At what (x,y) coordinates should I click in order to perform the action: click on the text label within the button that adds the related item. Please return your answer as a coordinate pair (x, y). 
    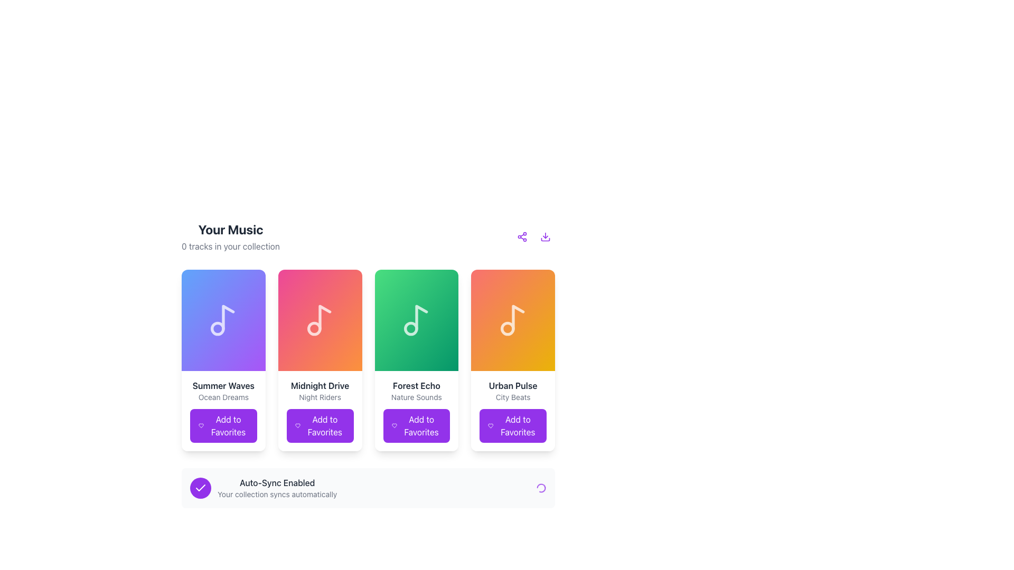
    Looking at the image, I should click on (324, 425).